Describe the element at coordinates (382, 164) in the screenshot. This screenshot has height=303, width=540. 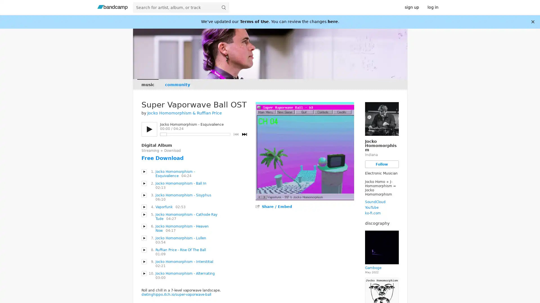
I see `Follow` at that location.